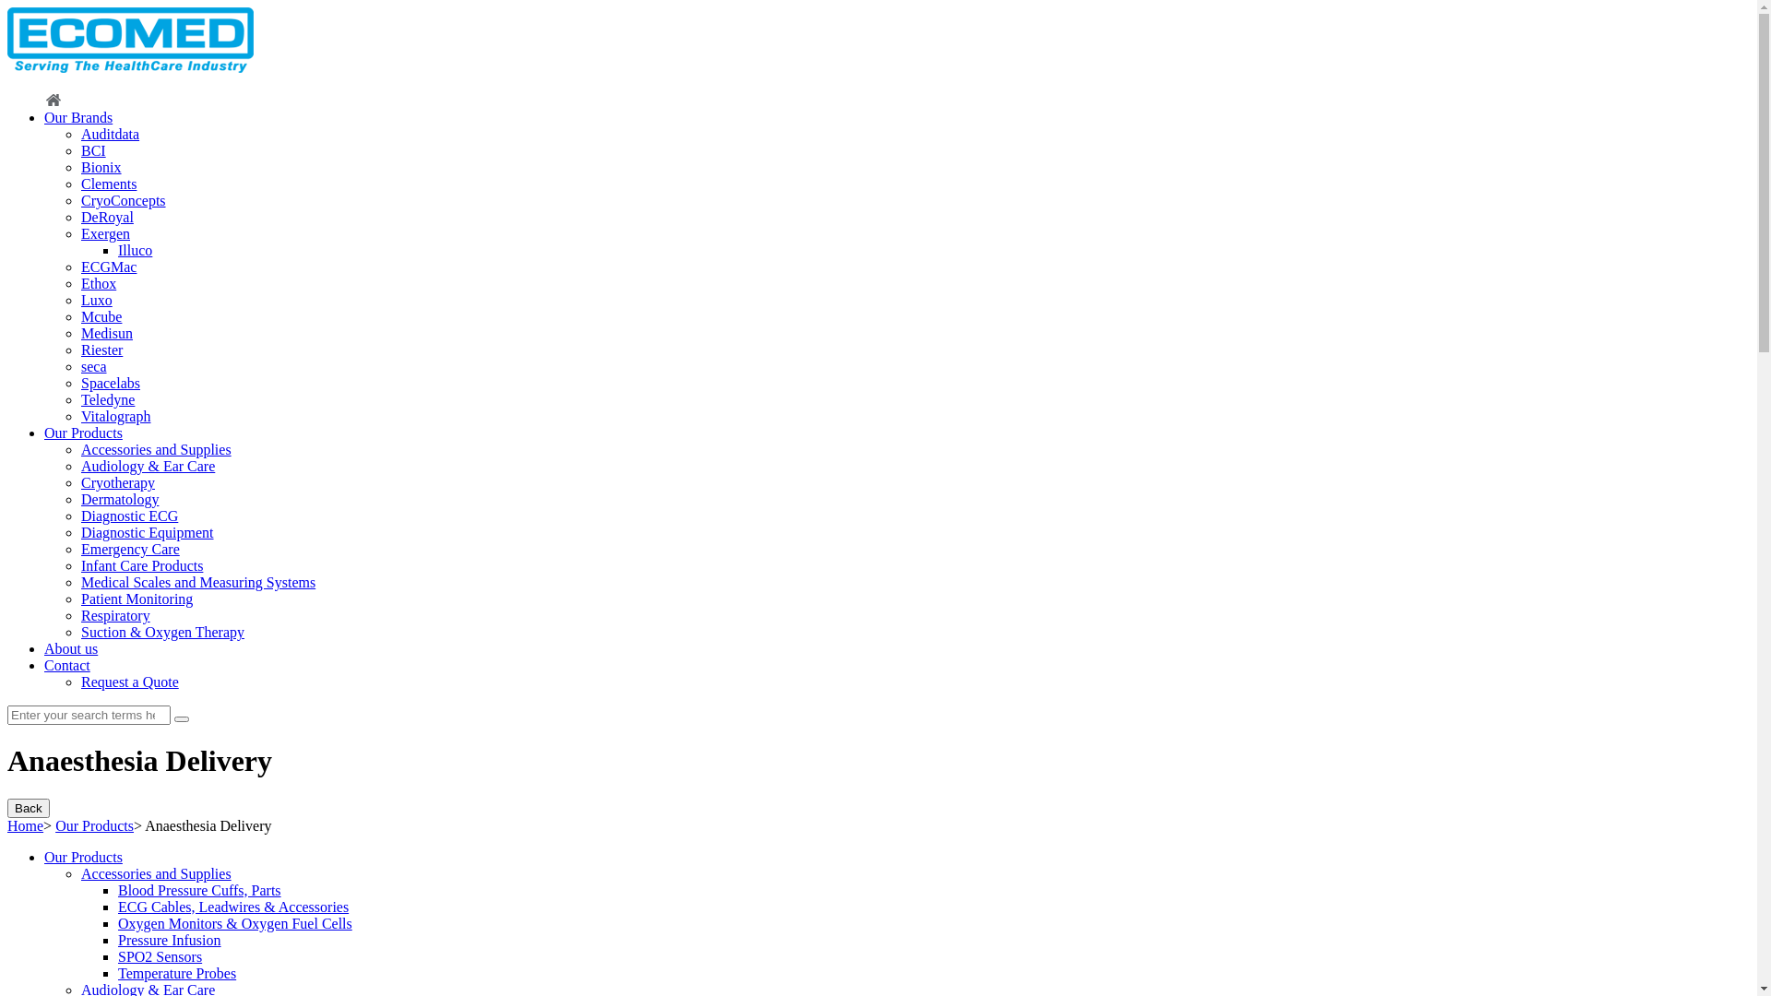 Image resolution: width=1771 pixels, height=996 pixels. Describe the element at coordinates (77, 117) in the screenshot. I see `'Our Brands'` at that location.